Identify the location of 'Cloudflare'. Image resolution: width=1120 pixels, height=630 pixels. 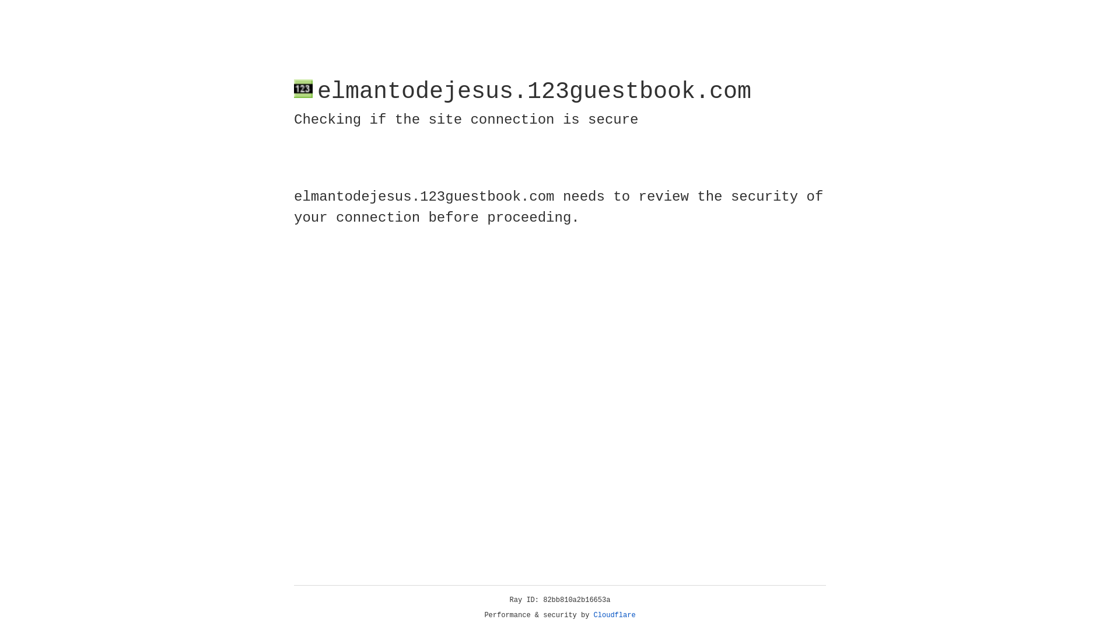
(593, 615).